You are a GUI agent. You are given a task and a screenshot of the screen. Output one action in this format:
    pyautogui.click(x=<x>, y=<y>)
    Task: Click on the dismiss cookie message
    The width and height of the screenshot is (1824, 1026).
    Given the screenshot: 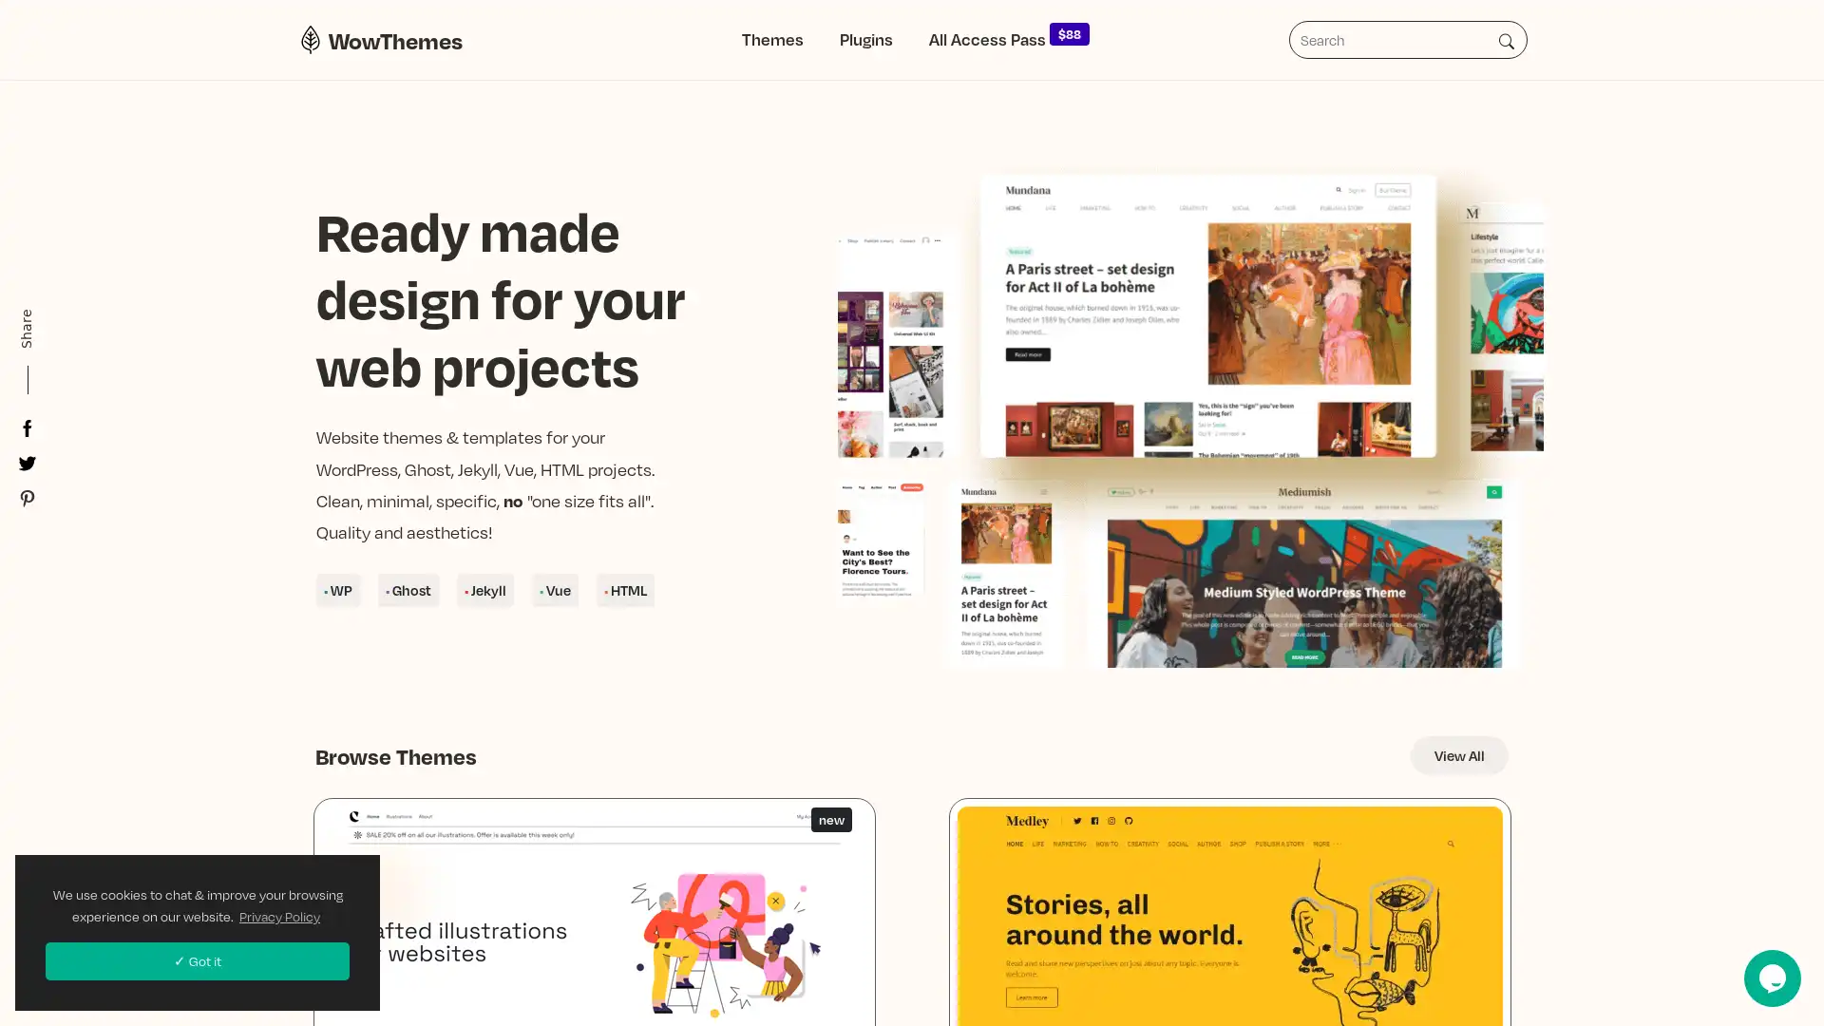 What is the action you would take?
    pyautogui.click(x=197, y=960)
    